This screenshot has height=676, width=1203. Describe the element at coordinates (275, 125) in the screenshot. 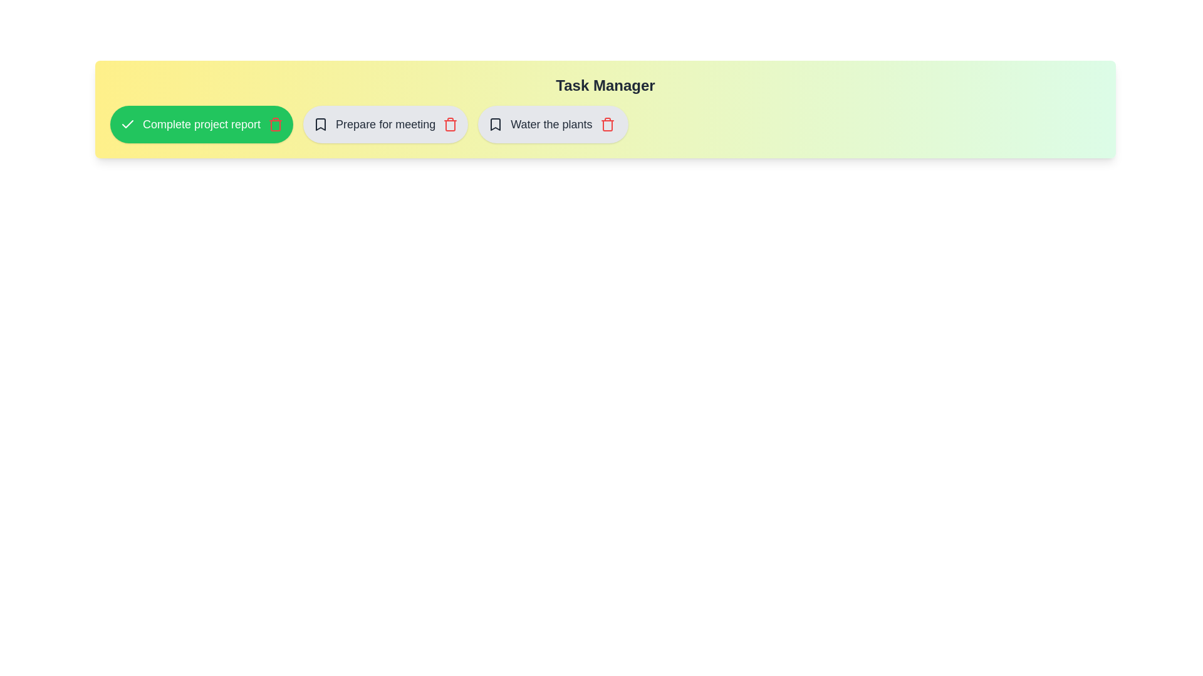

I see `the trash icon to delete the task 'Complete project report'` at that location.